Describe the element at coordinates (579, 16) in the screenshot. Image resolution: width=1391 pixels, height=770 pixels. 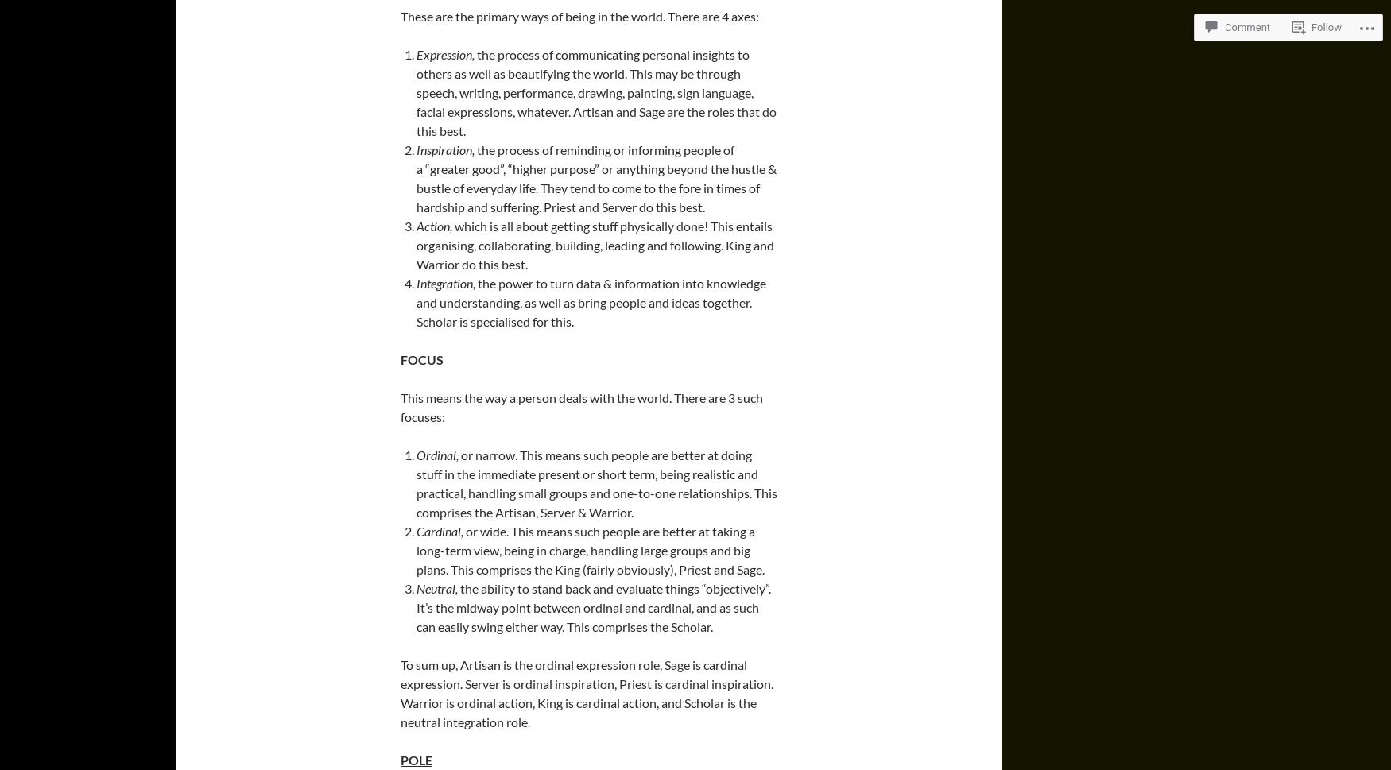
I see `'These are the primary ways of being in the world. There are 4 axes:'` at that location.